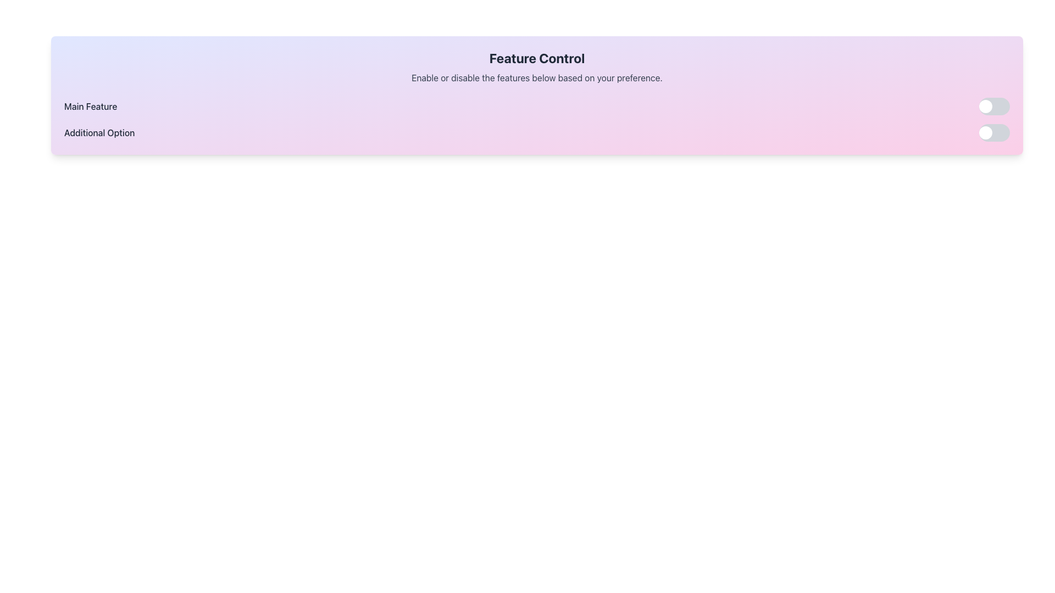  What do you see at coordinates (537, 77) in the screenshot?
I see `the static text element that provides instructions about the functionality of the settings, located directly below the 'Feature Control' heading` at bounding box center [537, 77].